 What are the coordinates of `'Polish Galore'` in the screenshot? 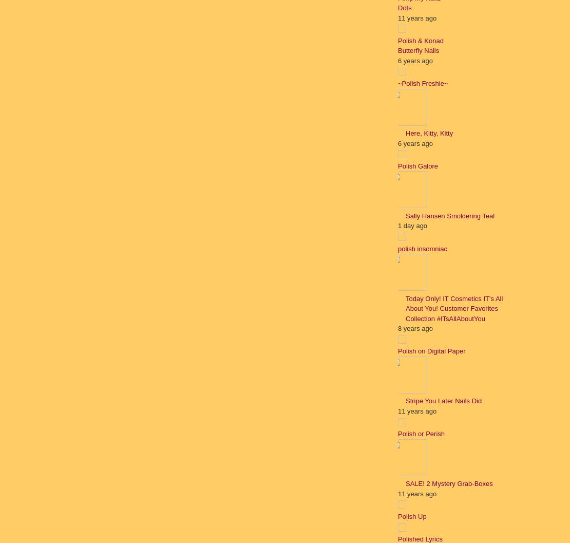 It's located at (397, 165).